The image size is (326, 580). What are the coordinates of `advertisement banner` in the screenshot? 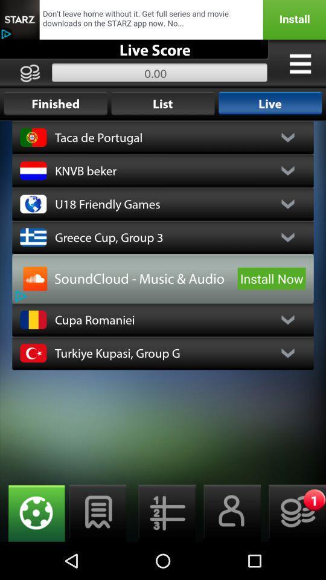 It's located at (163, 19).